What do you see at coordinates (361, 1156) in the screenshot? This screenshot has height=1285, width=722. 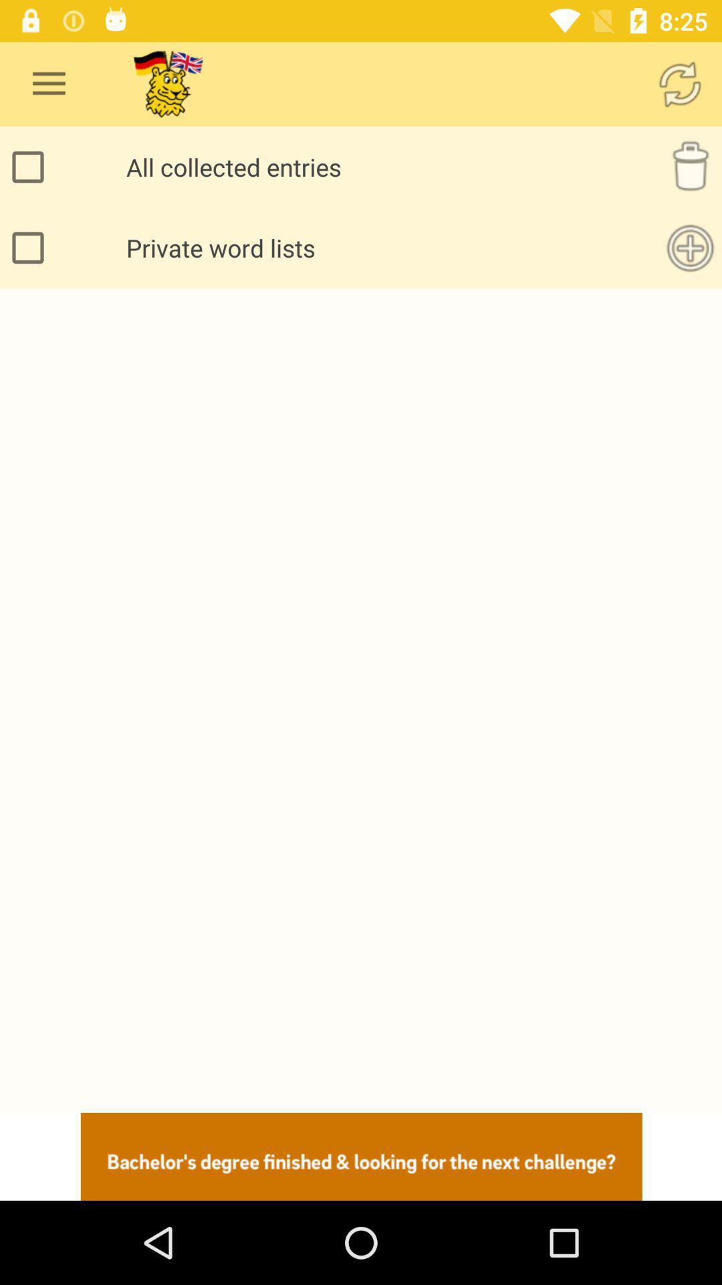 I see `advertisement` at bounding box center [361, 1156].